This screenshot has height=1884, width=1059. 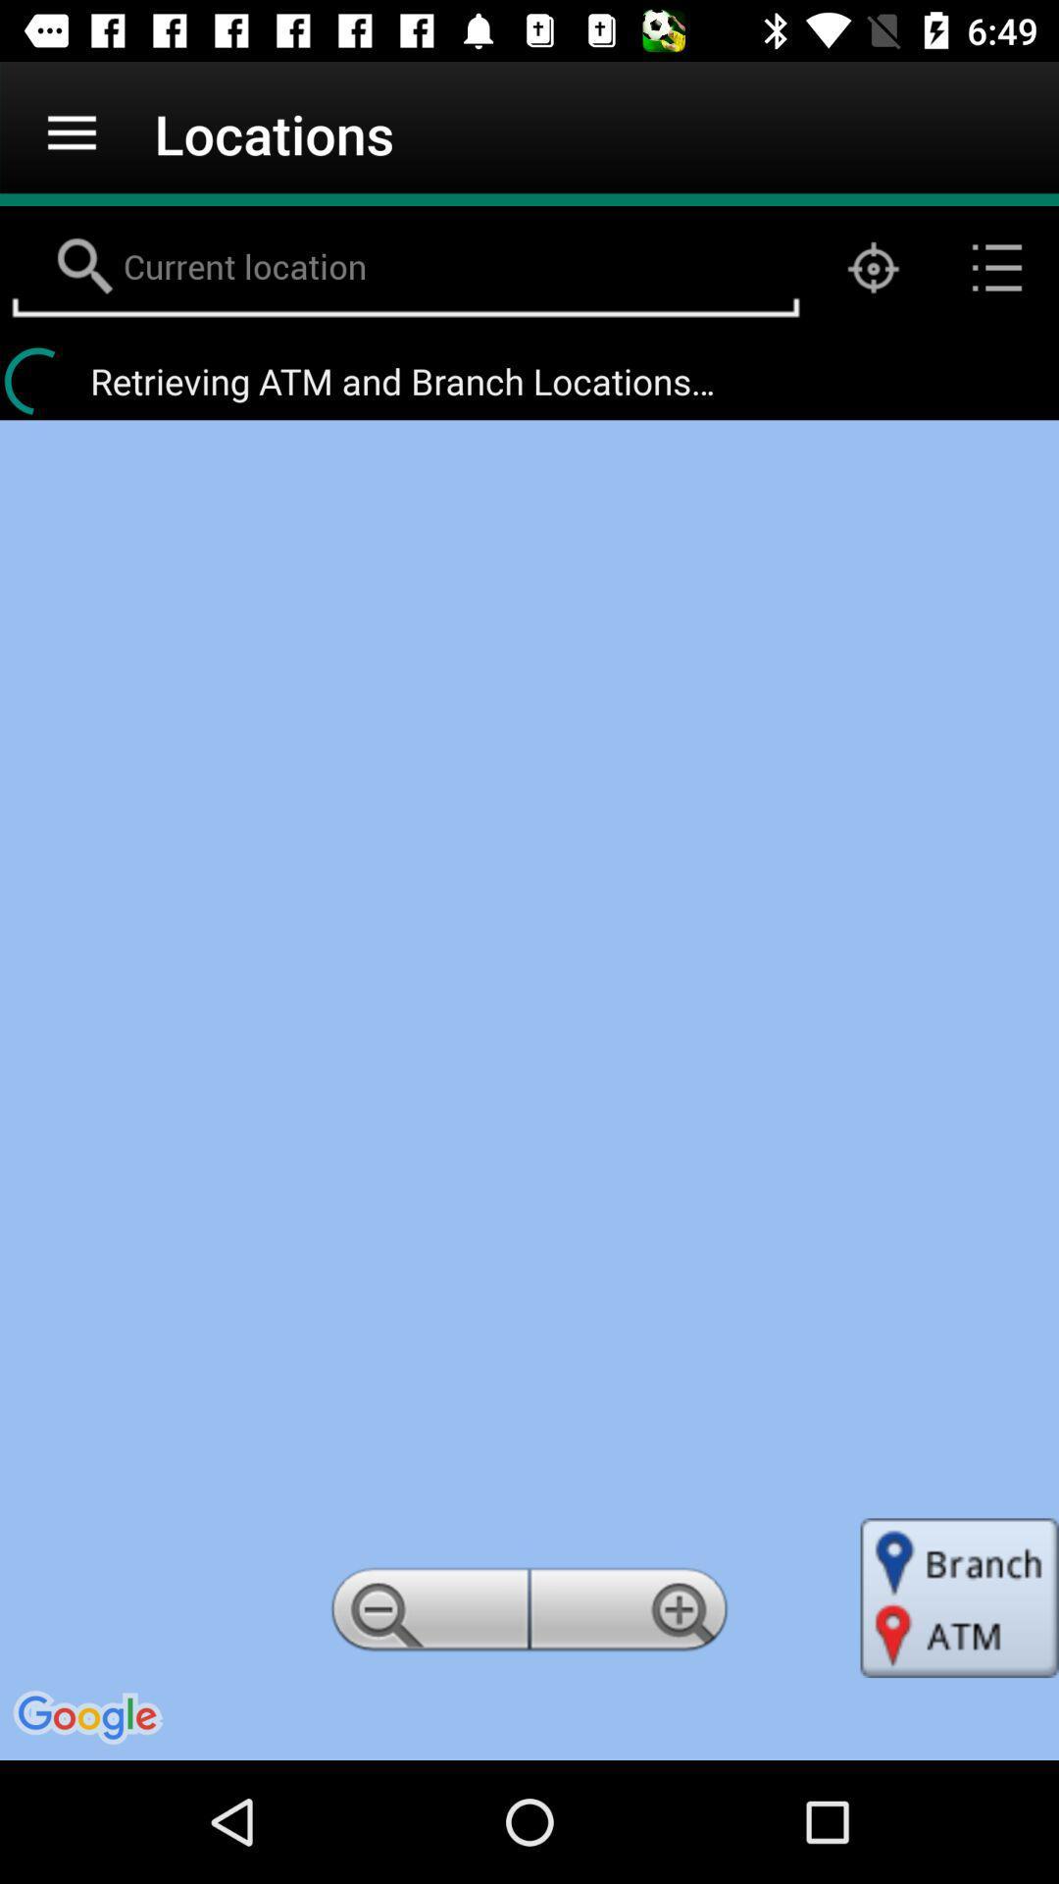 I want to click on the list icon, so click(x=997, y=267).